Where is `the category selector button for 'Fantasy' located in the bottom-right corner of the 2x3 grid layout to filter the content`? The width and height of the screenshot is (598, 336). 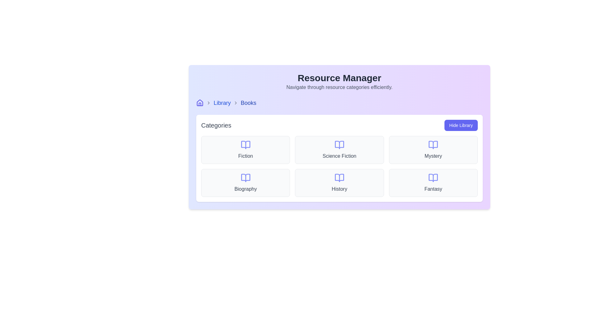 the category selector button for 'Fantasy' located in the bottom-right corner of the 2x3 grid layout to filter the content is located at coordinates (433, 182).